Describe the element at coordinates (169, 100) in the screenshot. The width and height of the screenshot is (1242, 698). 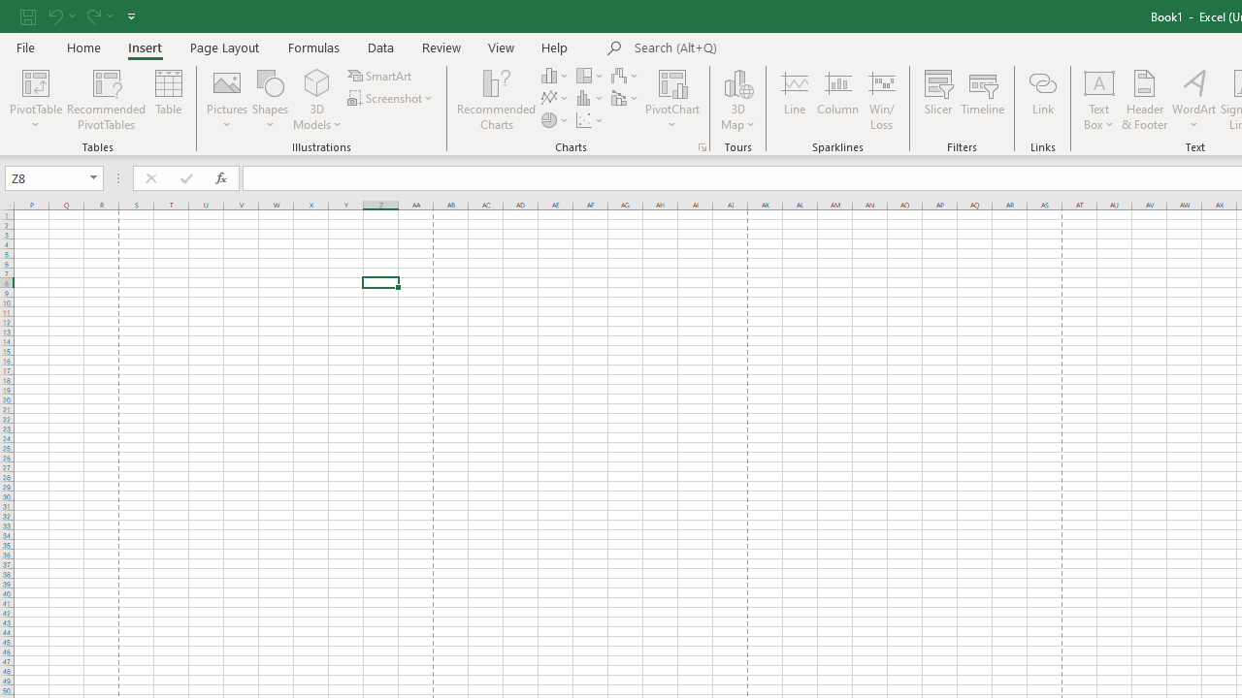
I see `'Table'` at that location.